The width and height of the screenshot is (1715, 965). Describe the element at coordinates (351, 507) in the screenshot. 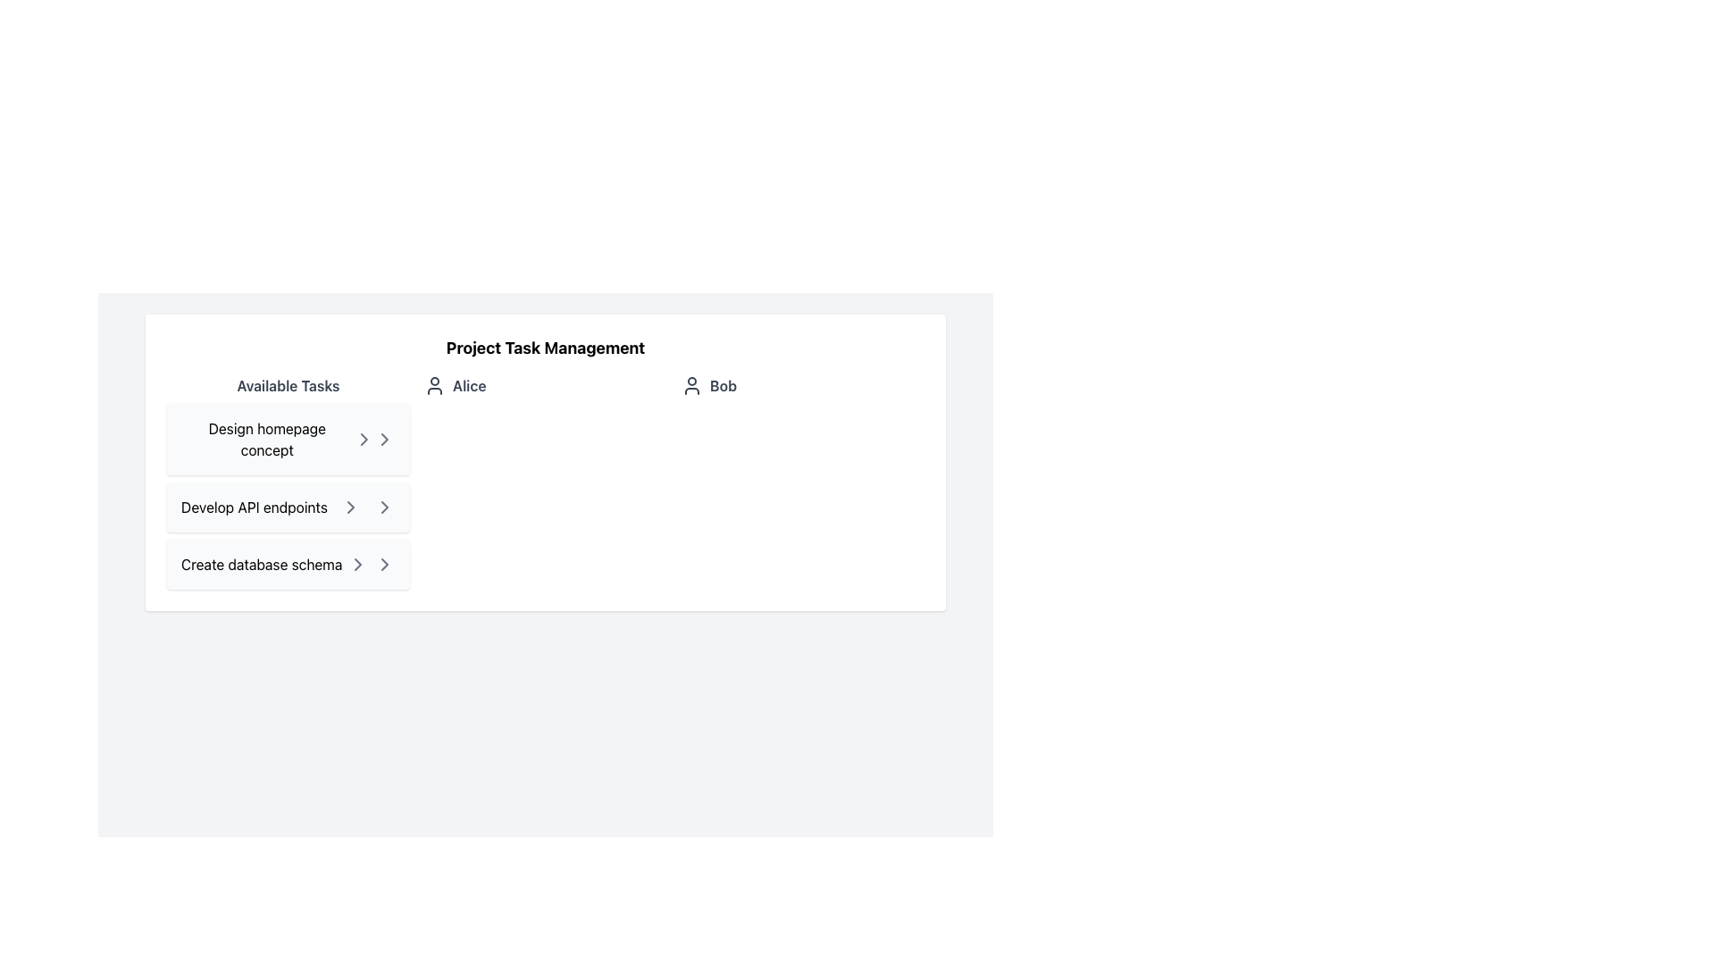

I see `the right chevron icon with rounded edges, located to the right of the text 'Develop API endpoints' in the 'Available Tasks' section` at that location.